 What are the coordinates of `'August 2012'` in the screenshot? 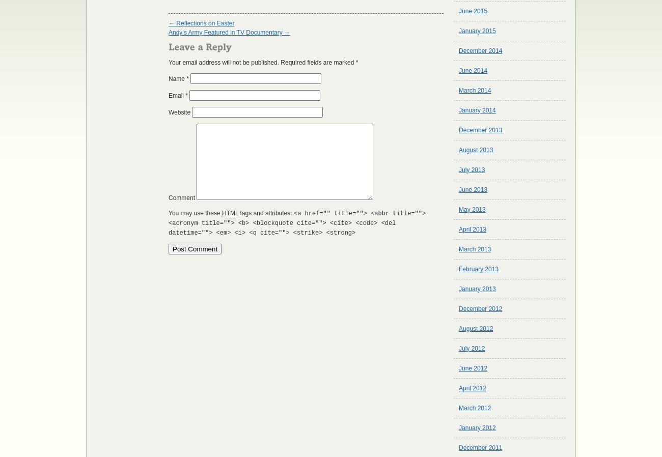 It's located at (476, 328).